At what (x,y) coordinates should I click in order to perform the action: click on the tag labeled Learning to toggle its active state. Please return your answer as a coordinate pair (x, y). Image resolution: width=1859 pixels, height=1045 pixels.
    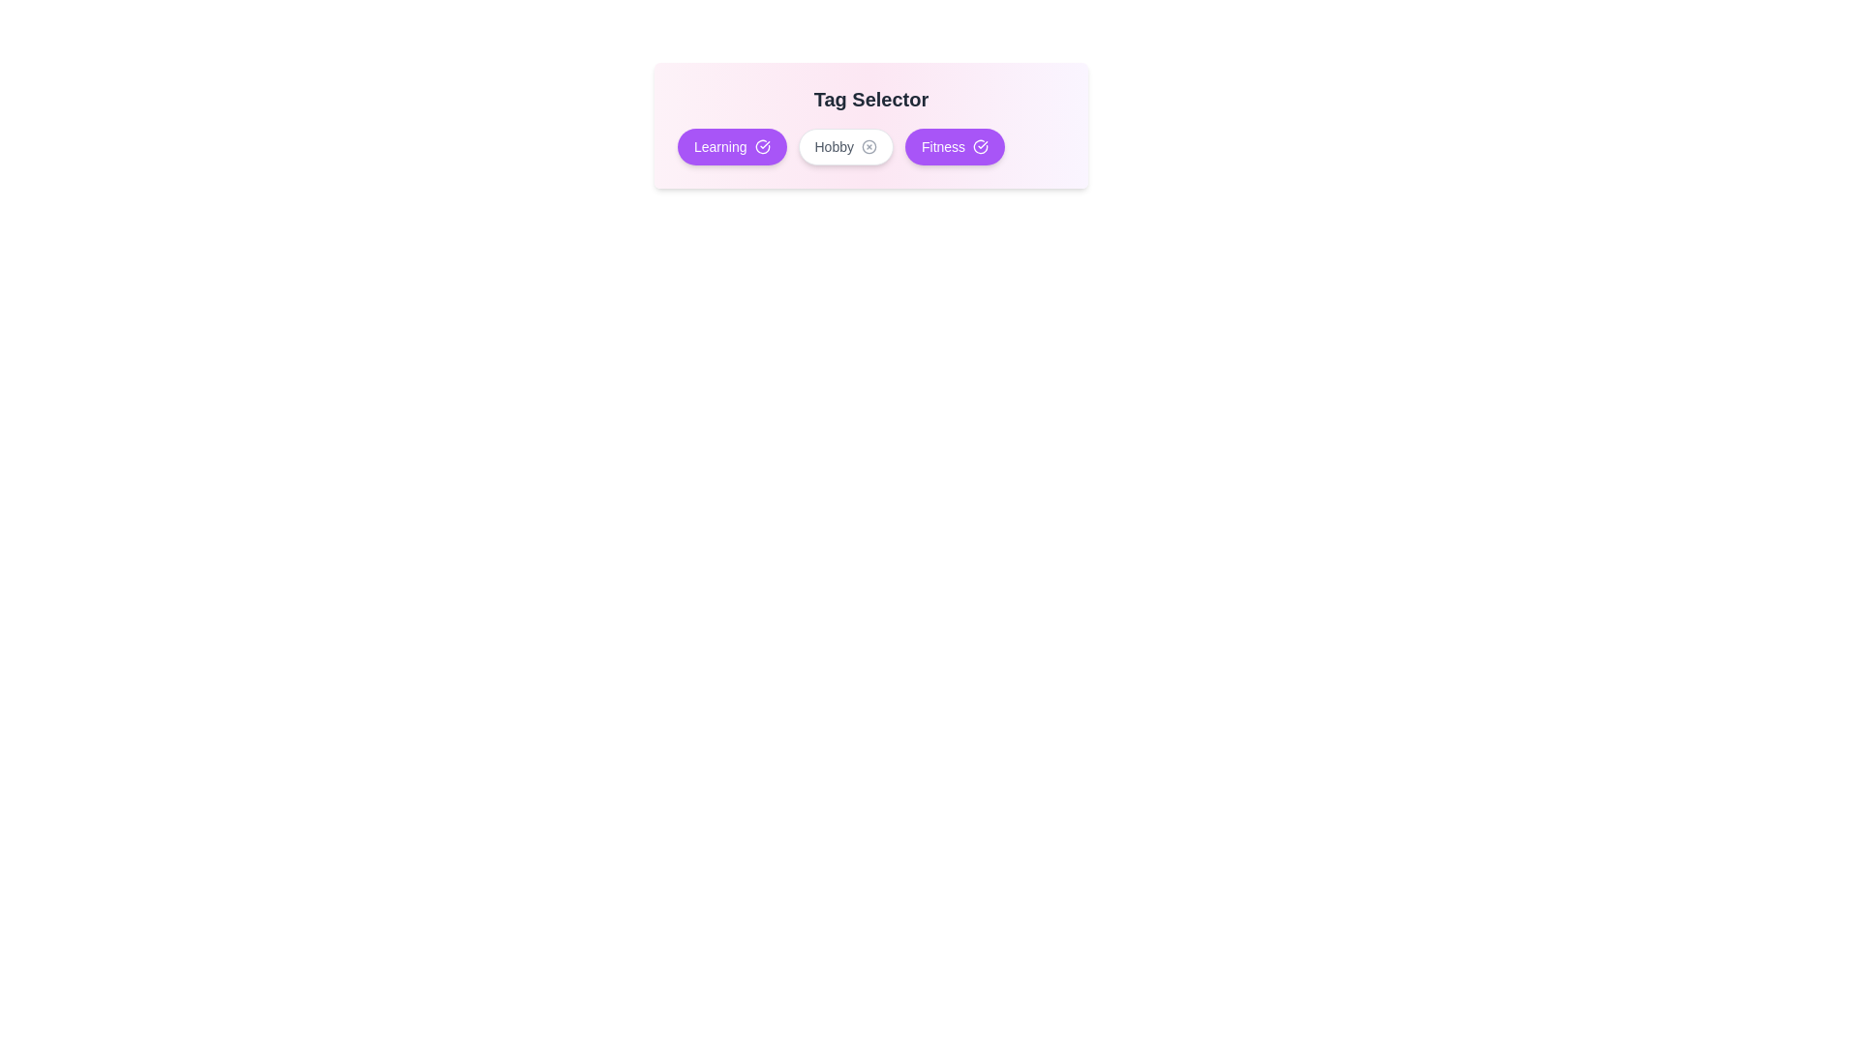
    Looking at the image, I should click on (731, 145).